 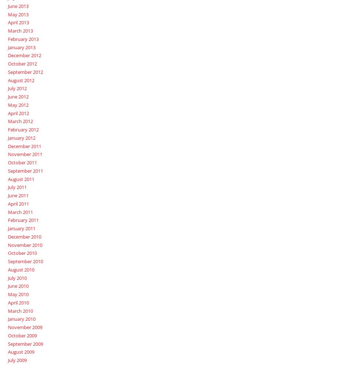 I want to click on 'February 2012', so click(x=23, y=129).